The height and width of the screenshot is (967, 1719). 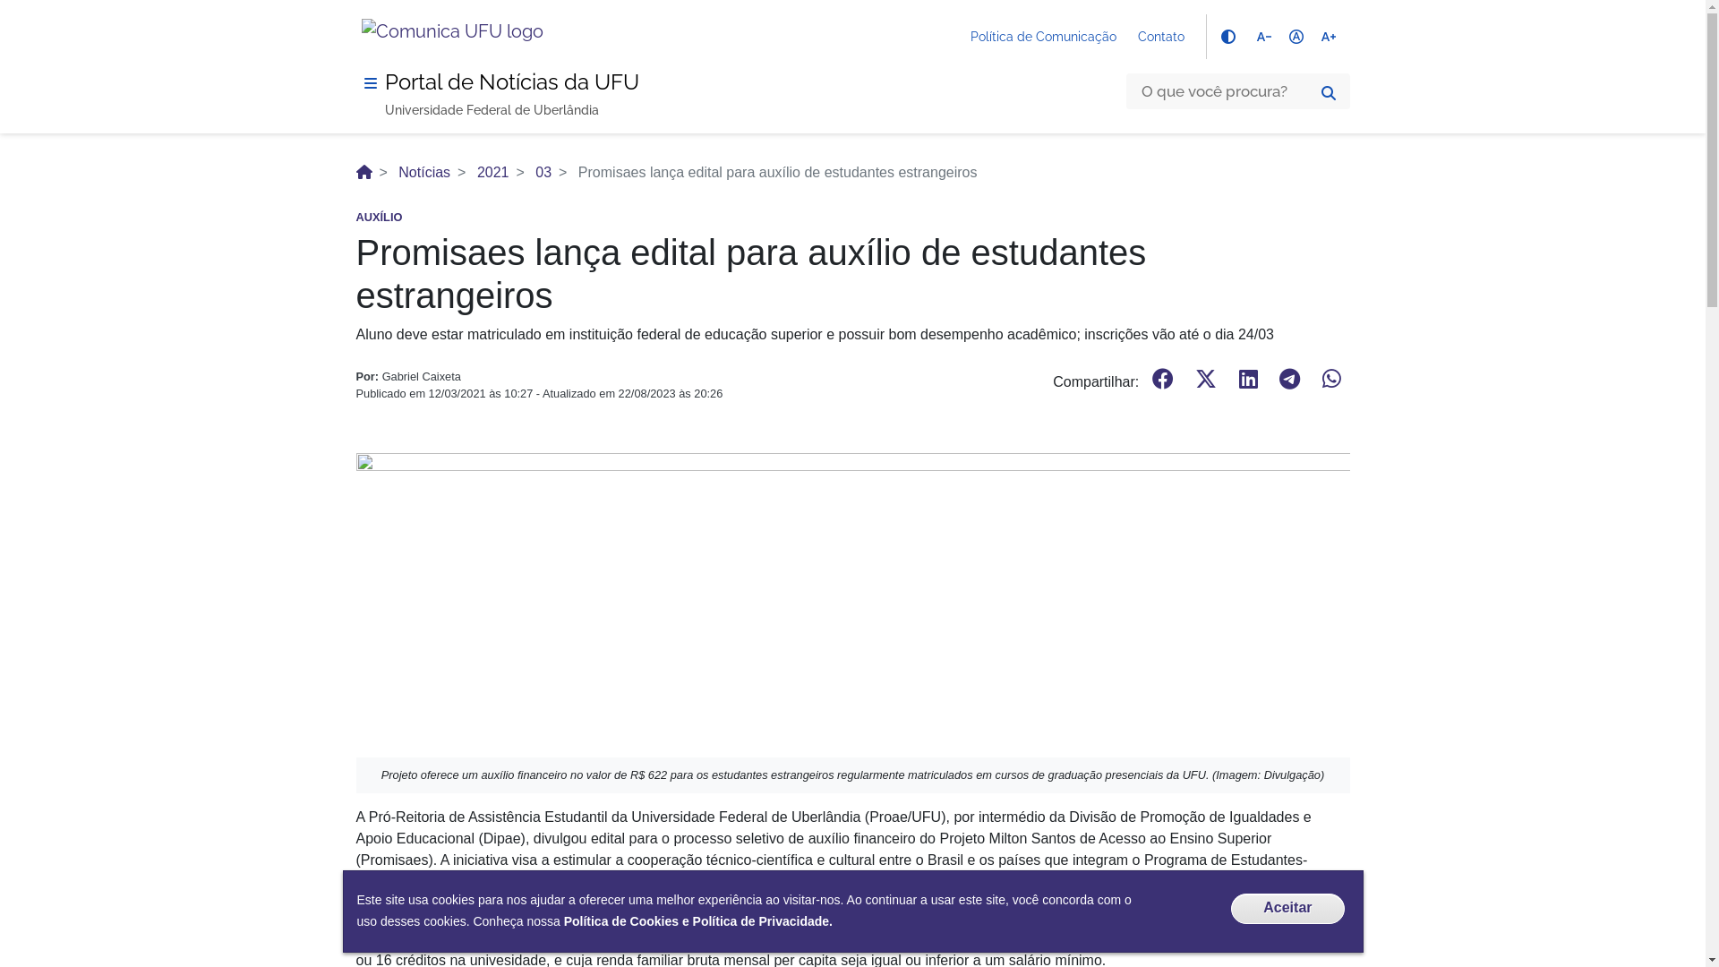 What do you see at coordinates (1262, 37) in the screenshot?
I see `'text_decrease'` at bounding box center [1262, 37].